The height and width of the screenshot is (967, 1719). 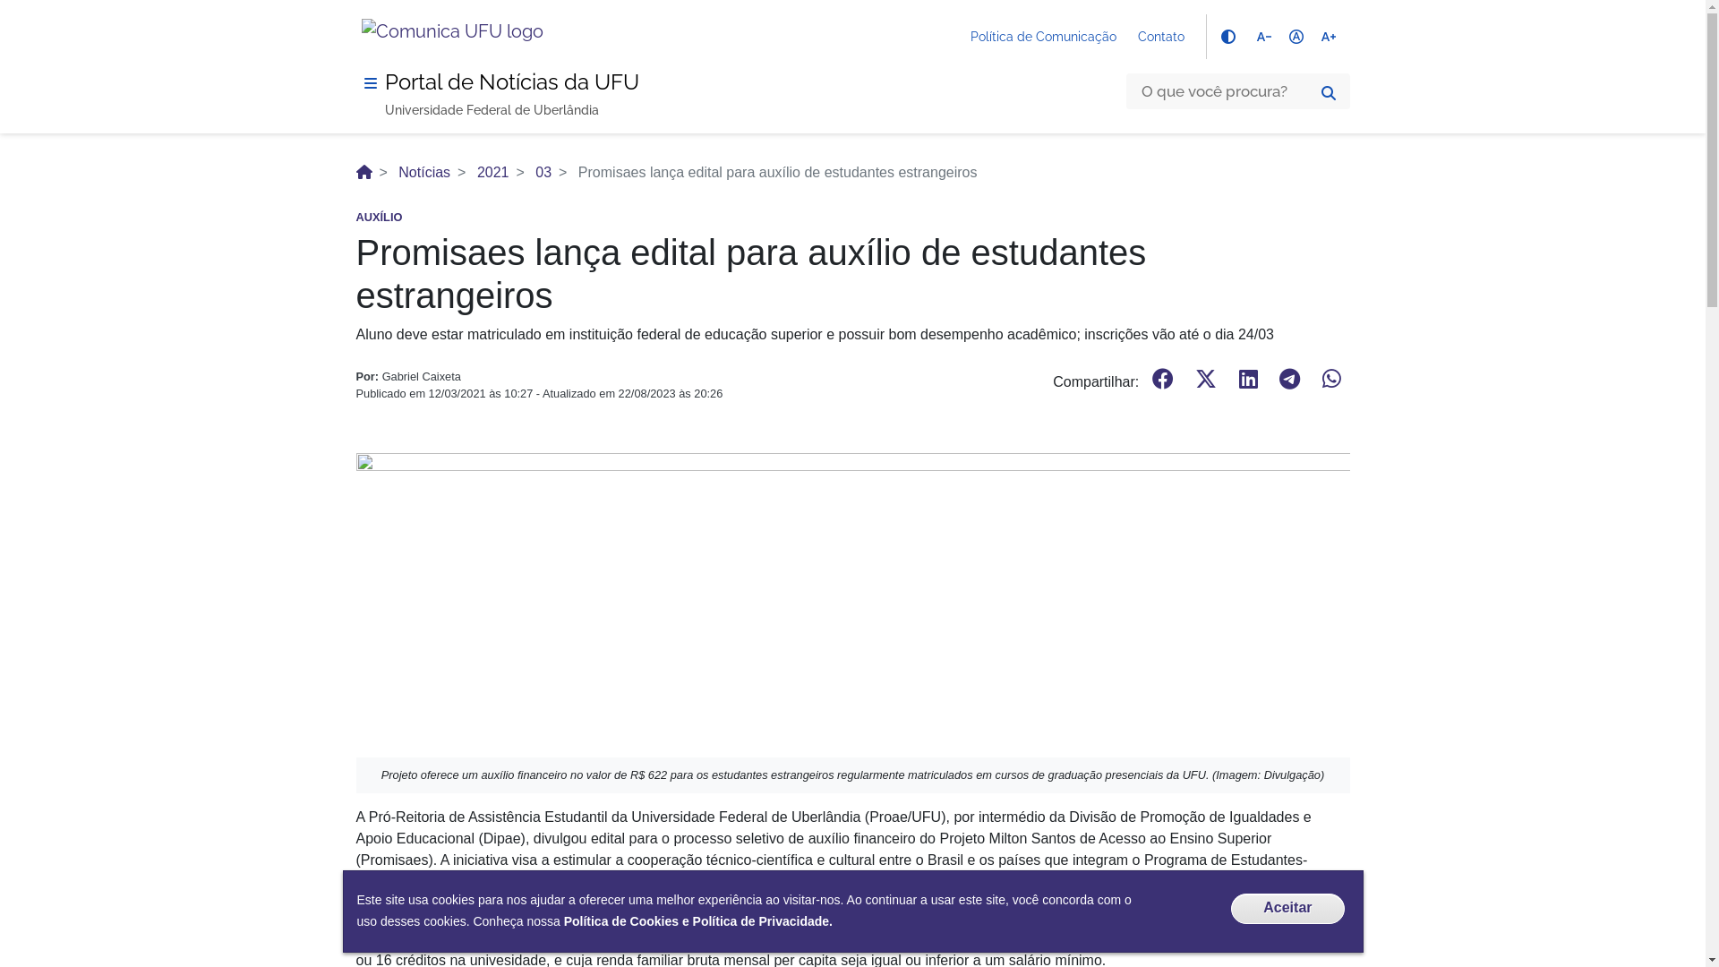 What do you see at coordinates (1262, 37) in the screenshot?
I see `'text_decrease'` at bounding box center [1262, 37].